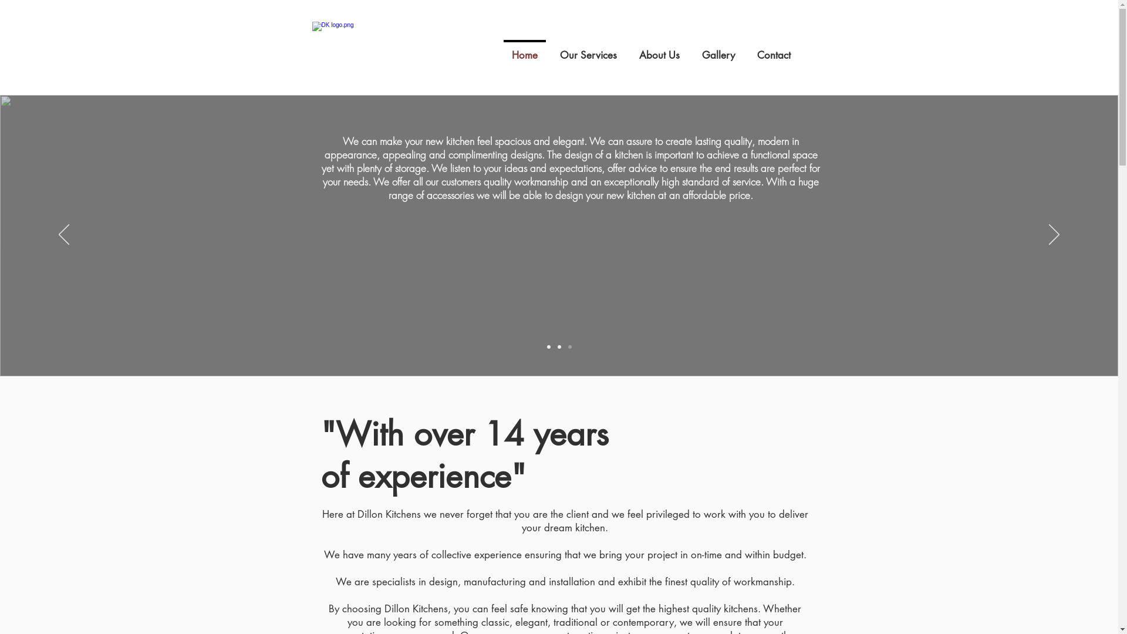 Image resolution: width=1127 pixels, height=634 pixels. Describe the element at coordinates (523, 49) in the screenshot. I see `'Home'` at that location.